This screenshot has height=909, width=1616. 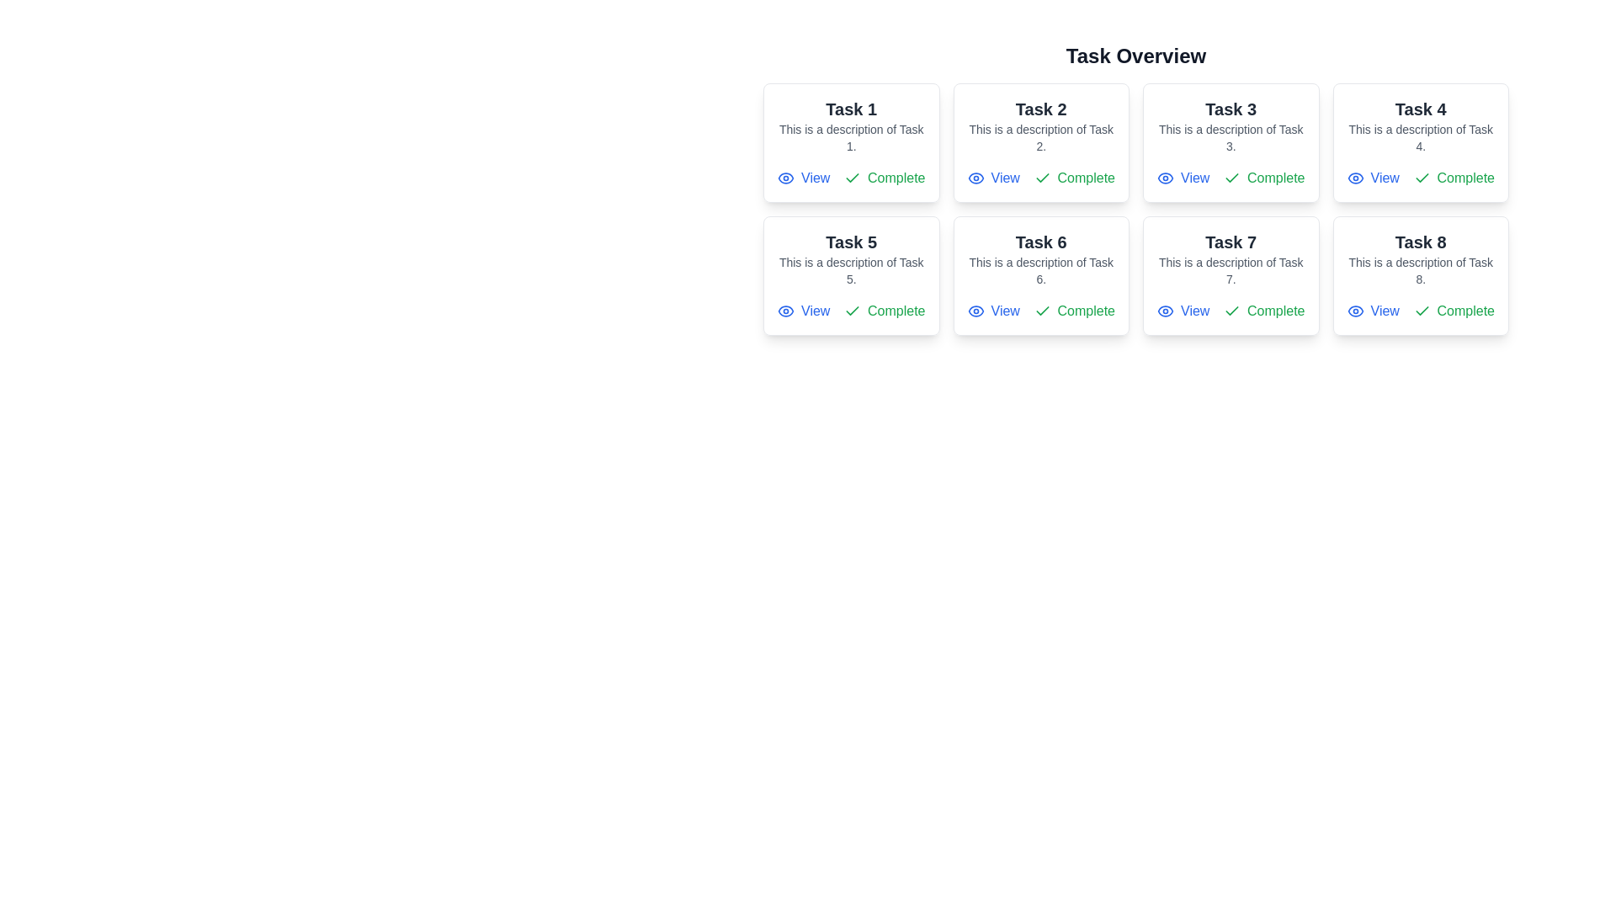 I want to click on the blue 'View' button located within the 'Task 8' card, so click(x=1373, y=311).